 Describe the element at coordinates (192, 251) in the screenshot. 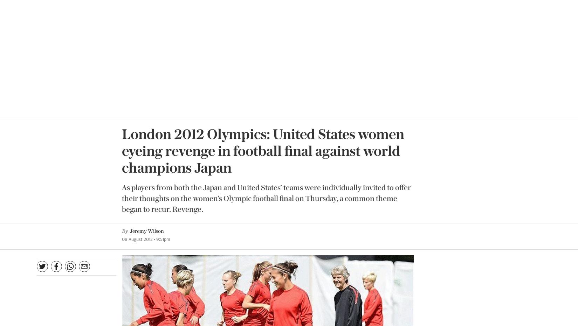

I see `'Try The Telegraph free for 1 month'` at that location.